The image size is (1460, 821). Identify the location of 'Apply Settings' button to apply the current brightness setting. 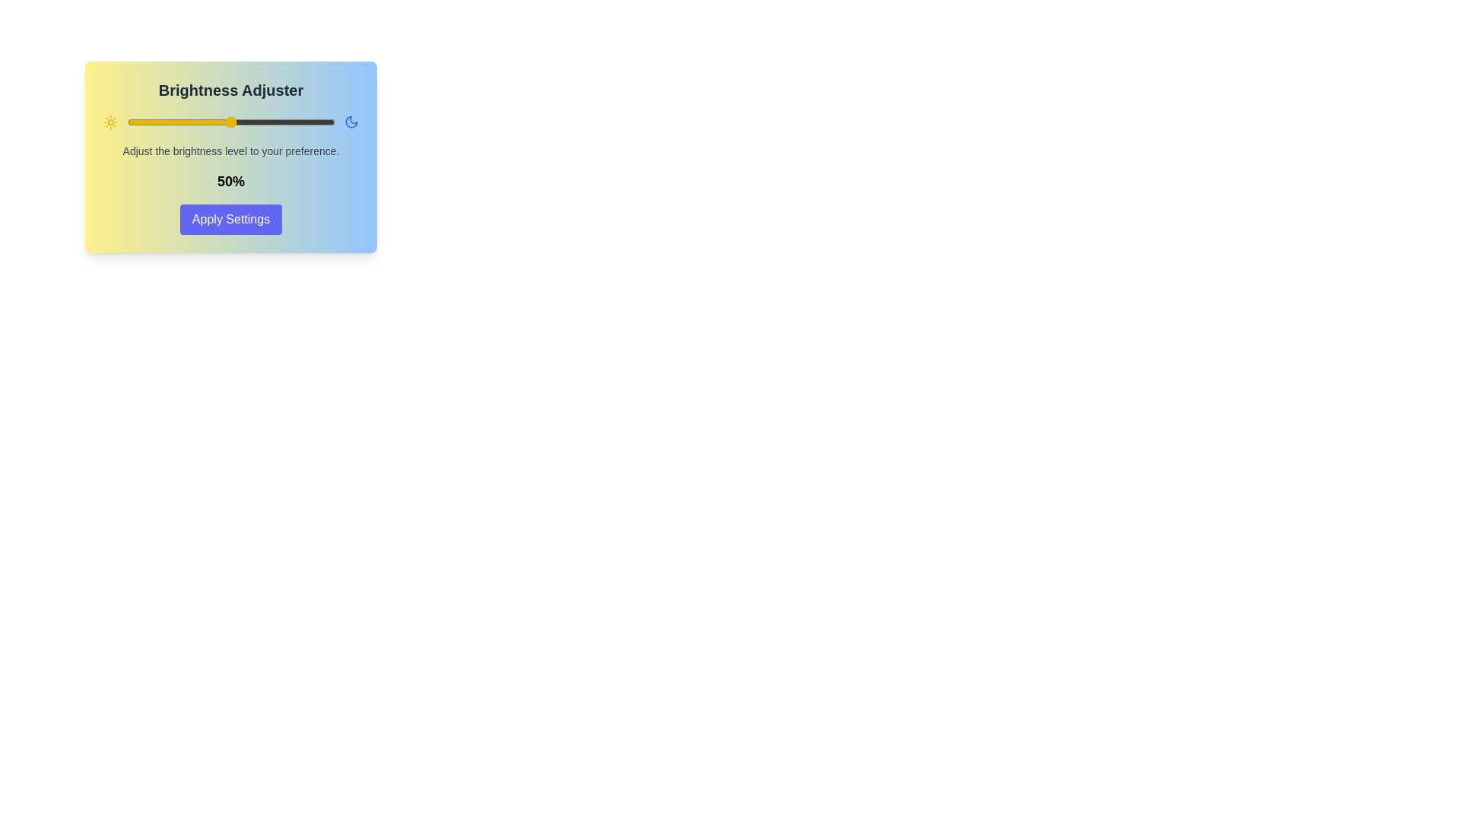
(230, 220).